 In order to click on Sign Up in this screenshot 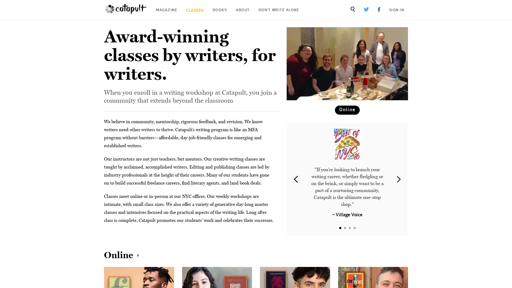, I will do `click(475, 278)`.